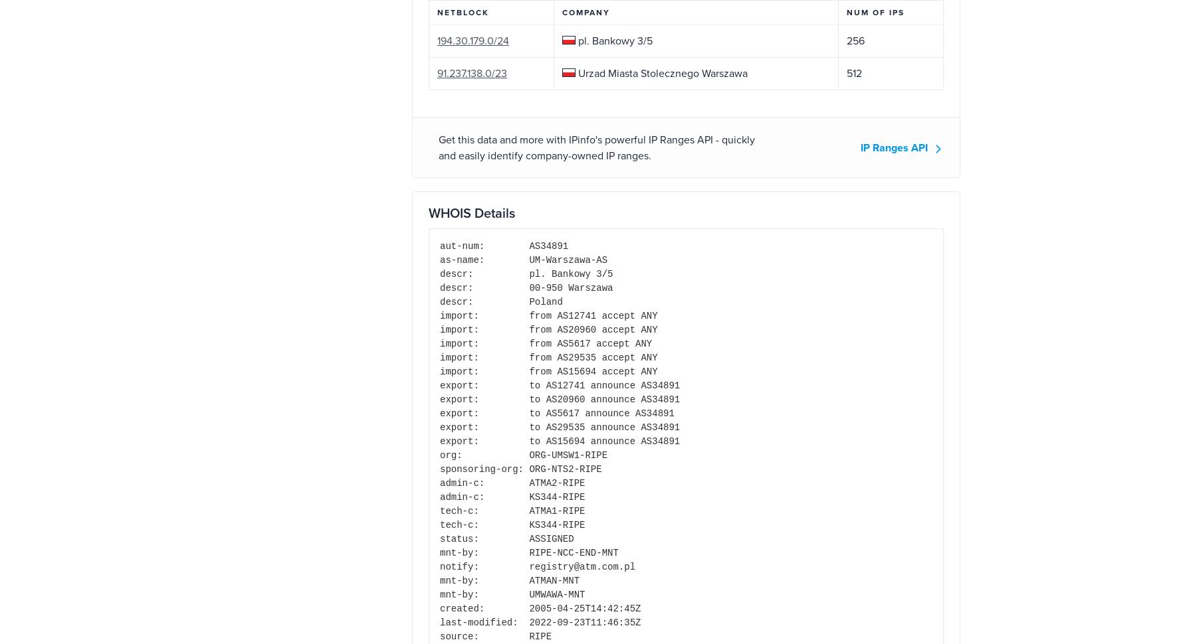 The image size is (1183, 644). I want to click on 'Our IP tools', so click(282, 157).